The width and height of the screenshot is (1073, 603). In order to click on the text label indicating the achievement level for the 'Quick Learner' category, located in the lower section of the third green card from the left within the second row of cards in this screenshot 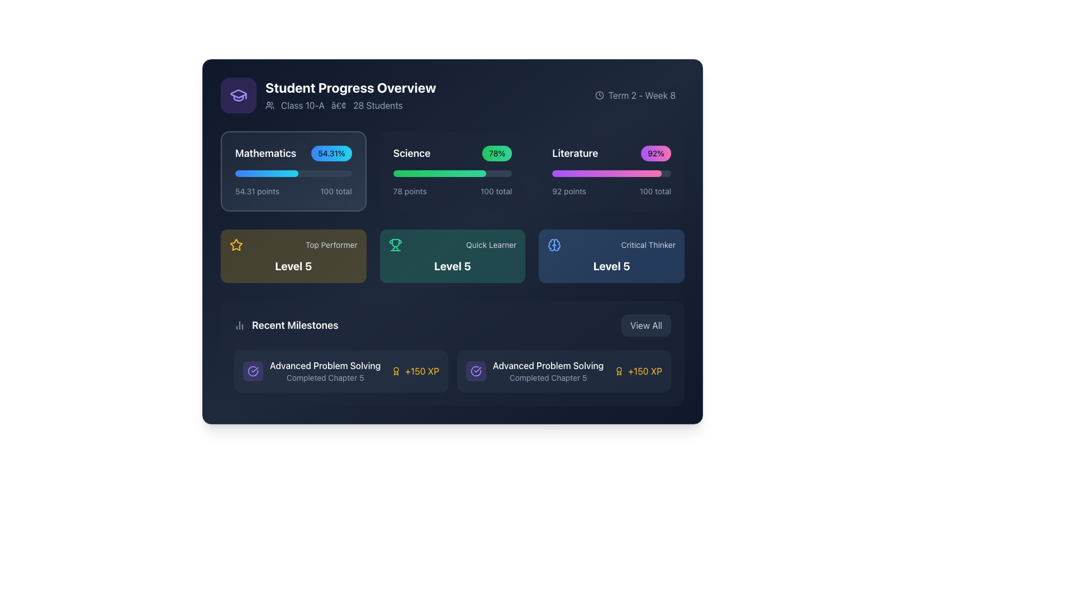, I will do `click(453, 266)`.